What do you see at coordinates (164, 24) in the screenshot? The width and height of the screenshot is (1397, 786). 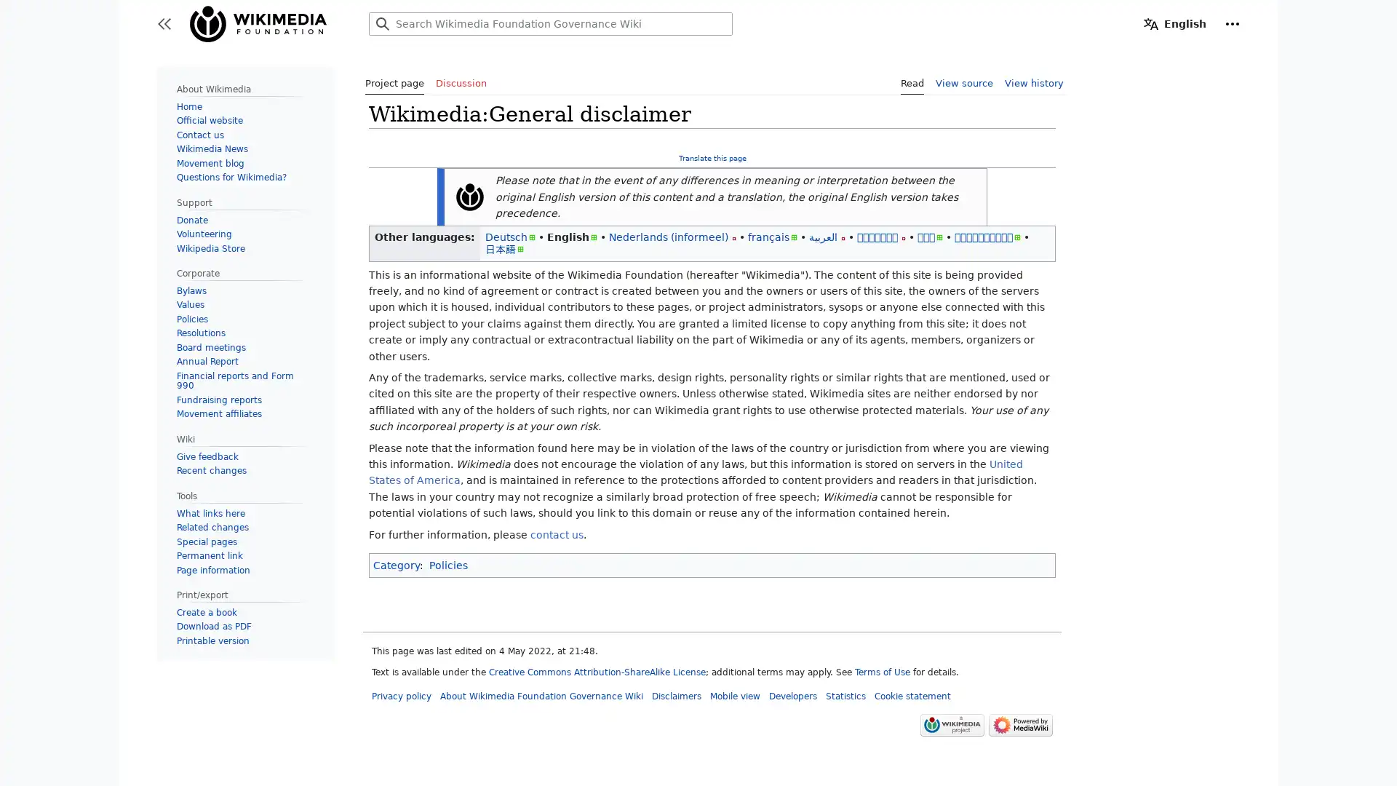 I see `Toggle sidebar` at bounding box center [164, 24].